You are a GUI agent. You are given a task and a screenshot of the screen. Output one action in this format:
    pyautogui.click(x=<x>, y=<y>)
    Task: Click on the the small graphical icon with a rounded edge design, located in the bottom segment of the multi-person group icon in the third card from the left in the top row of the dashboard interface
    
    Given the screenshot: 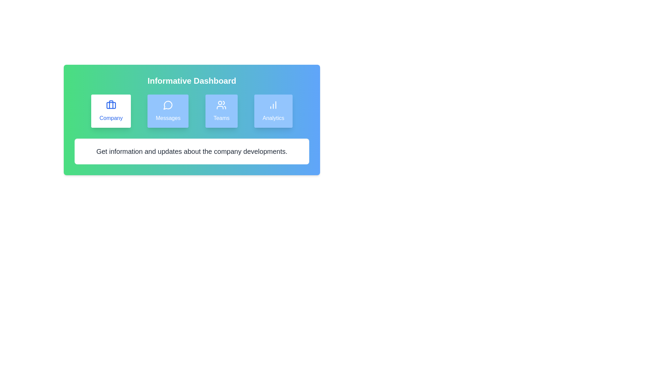 What is the action you would take?
    pyautogui.click(x=220, y=107)
    